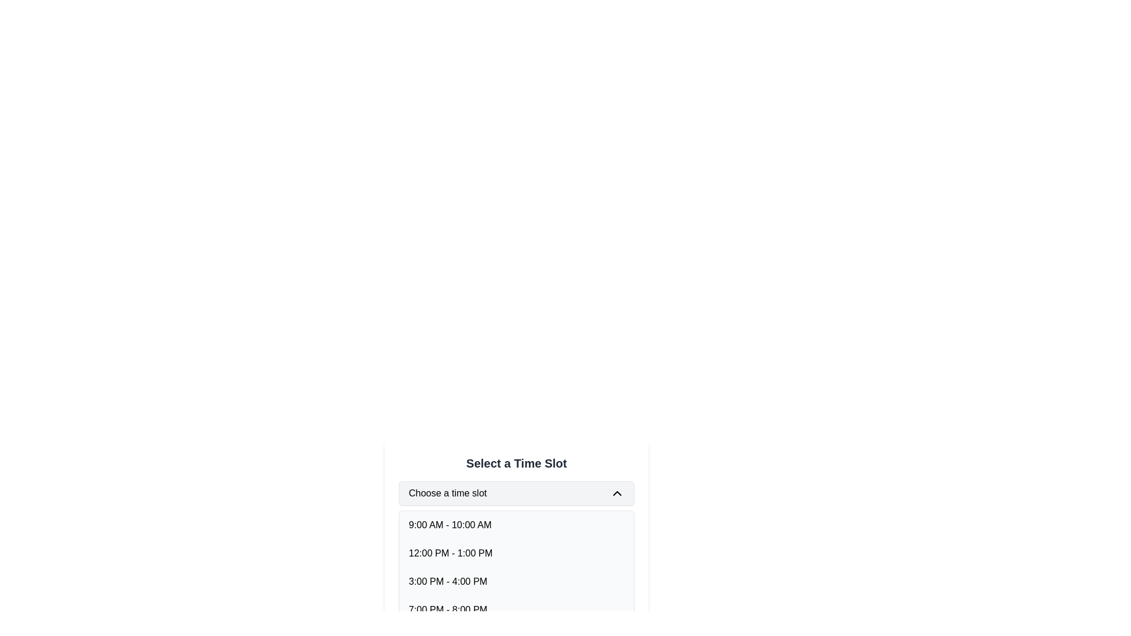  What do you see at coordinates (517, 518) in the screenshot?
I see `the dropdown element for selecting time slots` at bounding box center [517, 518].